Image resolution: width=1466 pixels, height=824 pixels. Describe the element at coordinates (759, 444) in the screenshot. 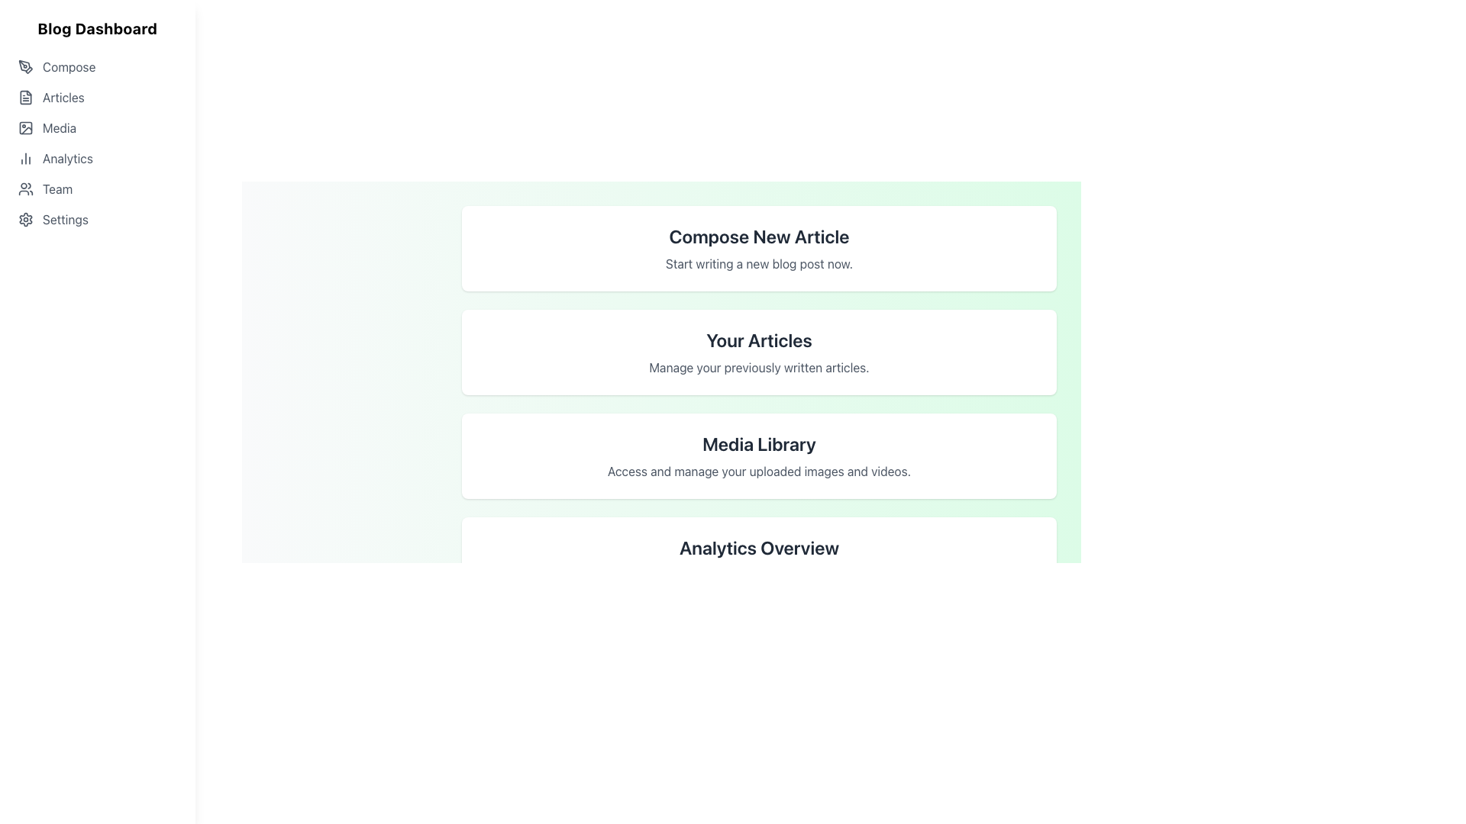

I see `the heading text 'Media Library' which is styled in a large black bold font and positioned at the center top of the white card labeled 'Media'` at that location.